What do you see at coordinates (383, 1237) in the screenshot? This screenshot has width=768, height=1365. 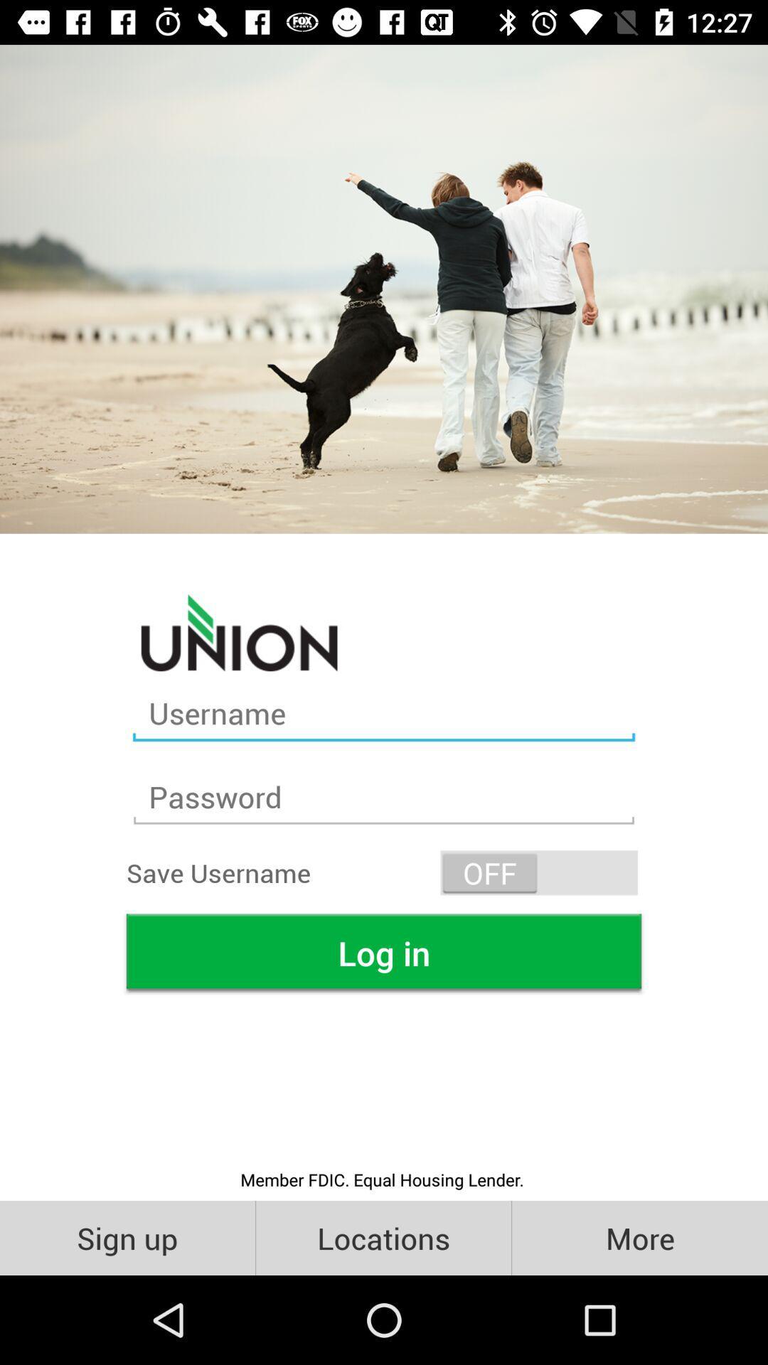 I see `the item to the right of sign up icon` at bounding box center [383, 1237].